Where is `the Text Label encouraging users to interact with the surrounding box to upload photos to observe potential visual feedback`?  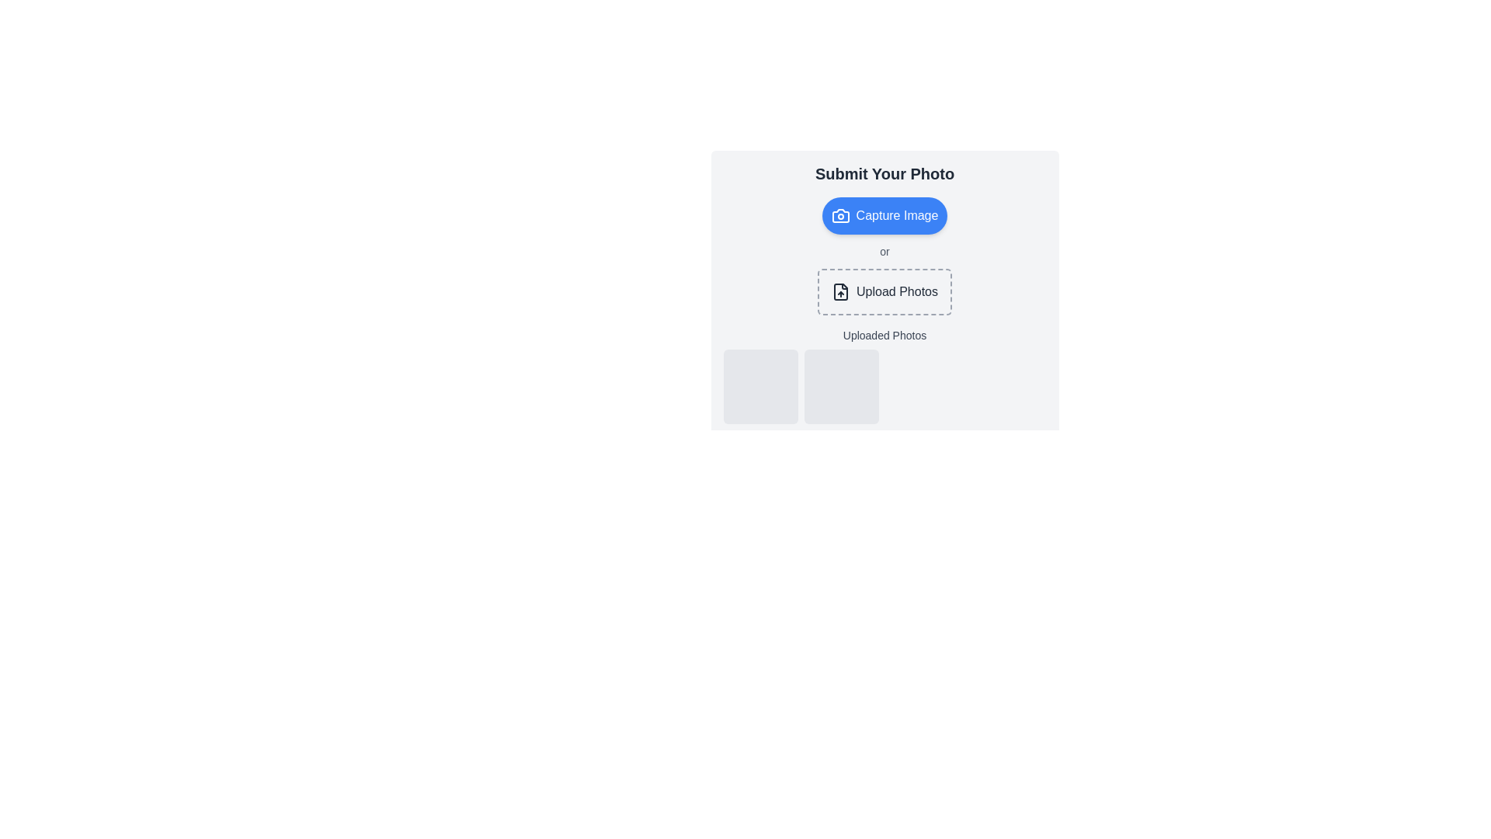
the Text Label encouraging users to interact with the surrounding box to upload photos to observe potential visual feedback is located at coordinates (897, 291).